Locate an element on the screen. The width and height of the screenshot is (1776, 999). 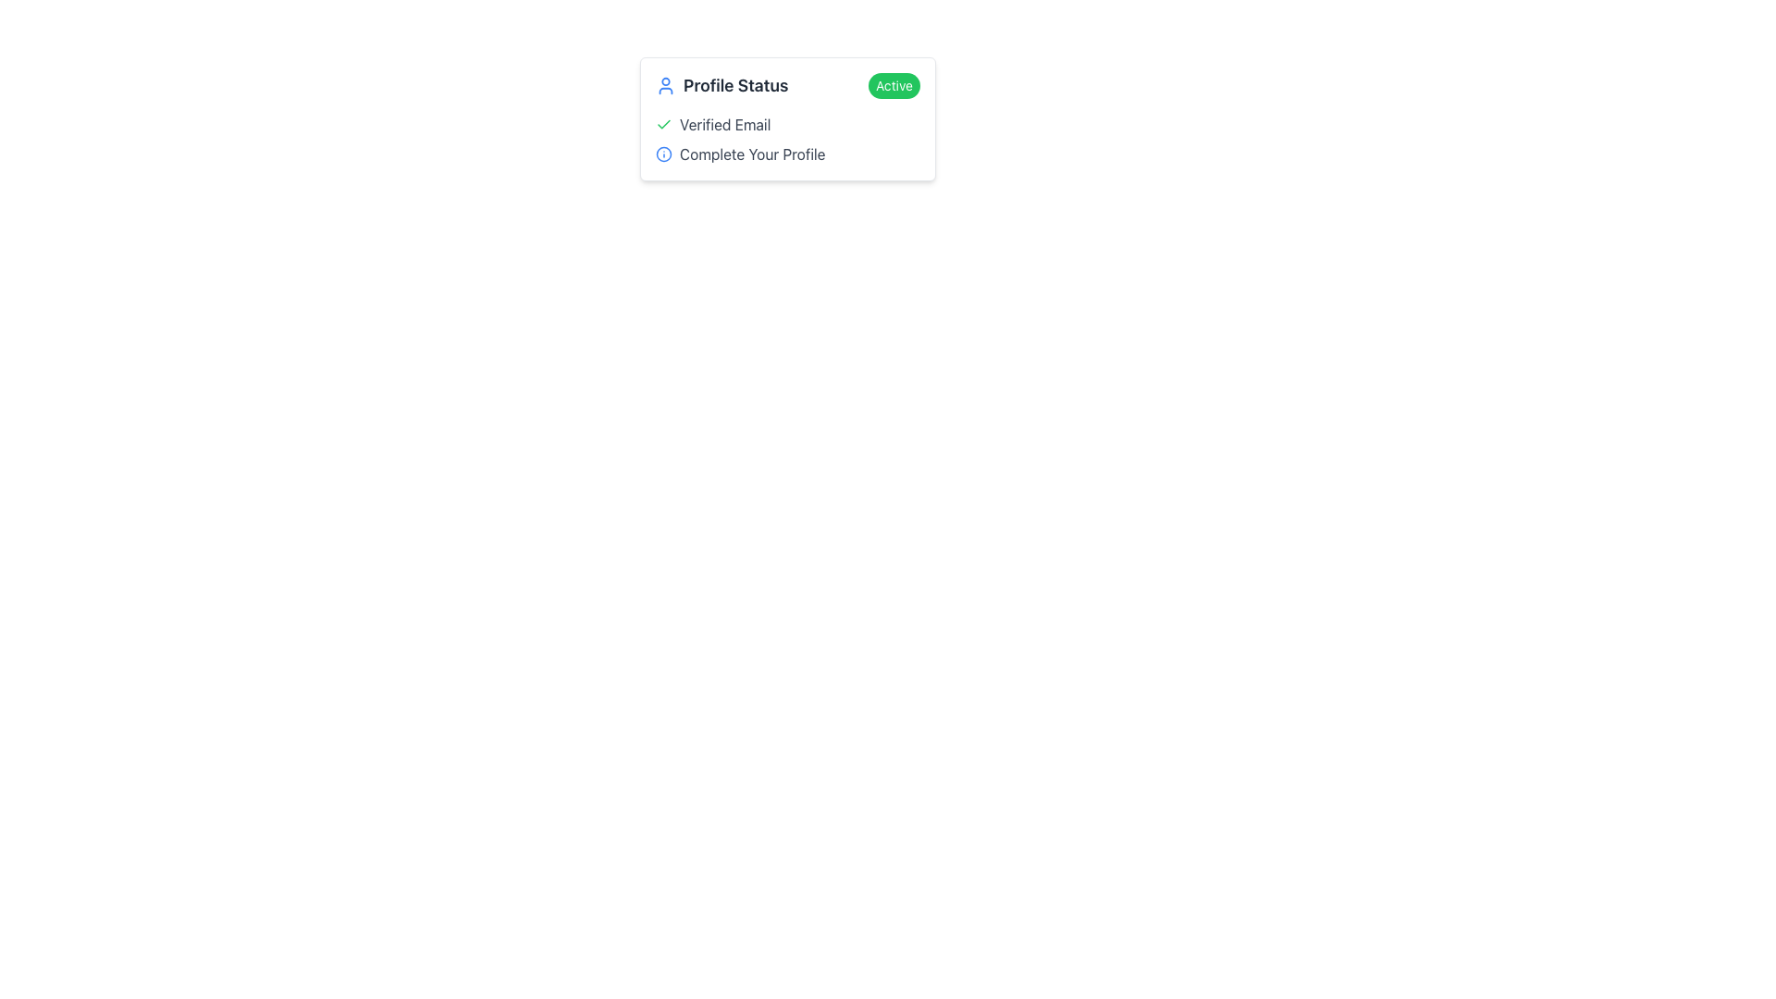
the small green checkmark icon located to the left of the 'Verified Email' text, which is the first item under the 'Profile Status' title is located at coordinates (664, 125).